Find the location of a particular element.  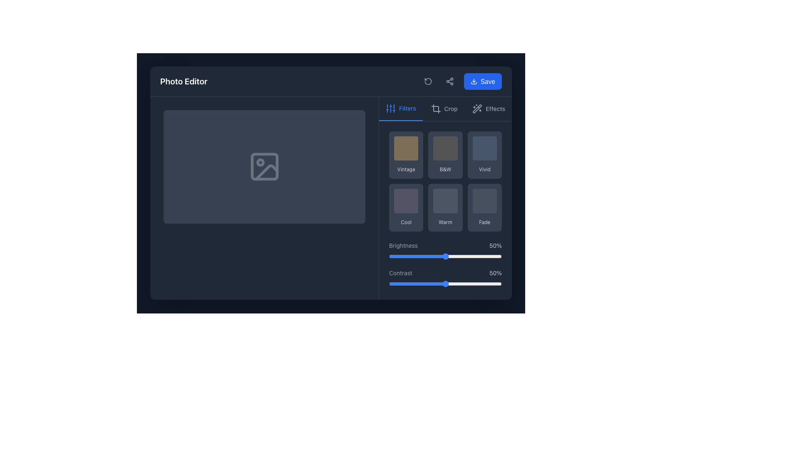

the picture frame icon with rounded corners that has a circular element inside and a zigzag line at the bottom right, styled in gray color is located at coordinates (264, 167).